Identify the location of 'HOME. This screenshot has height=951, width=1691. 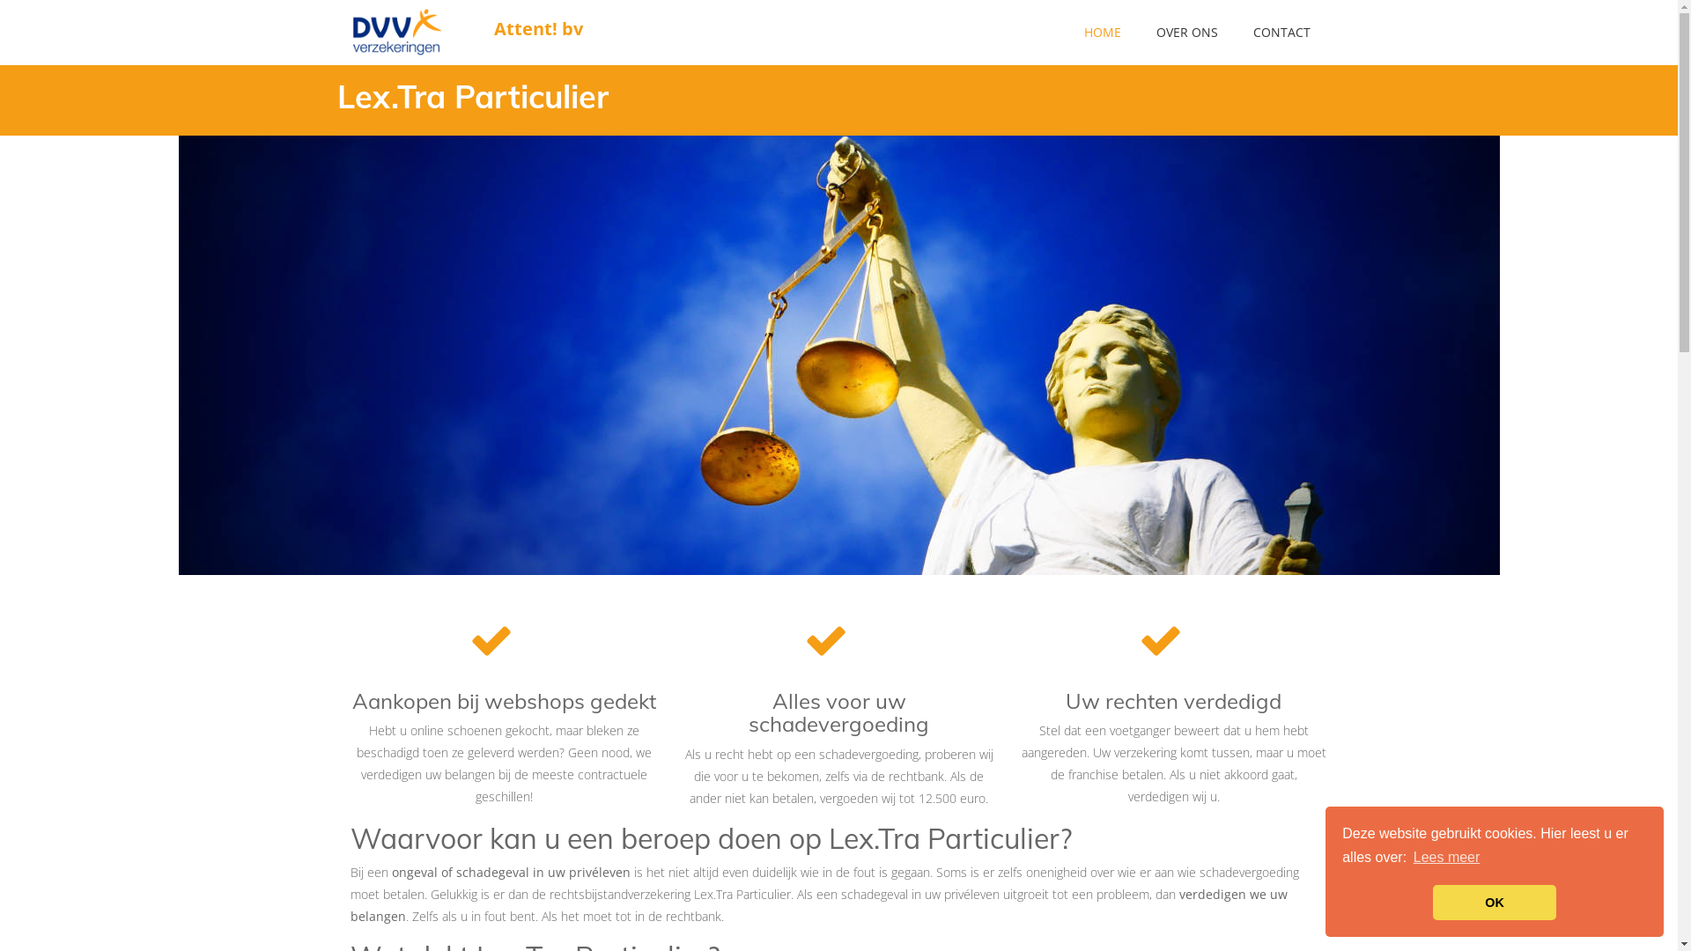
(1101, 33).